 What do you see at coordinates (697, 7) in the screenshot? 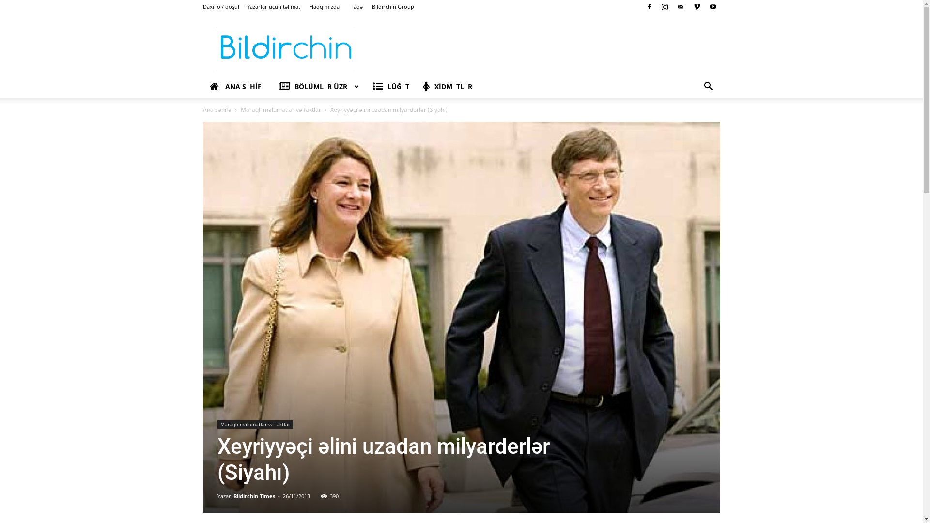
I see `'Vimeo'` at bounding box center [697, 7].